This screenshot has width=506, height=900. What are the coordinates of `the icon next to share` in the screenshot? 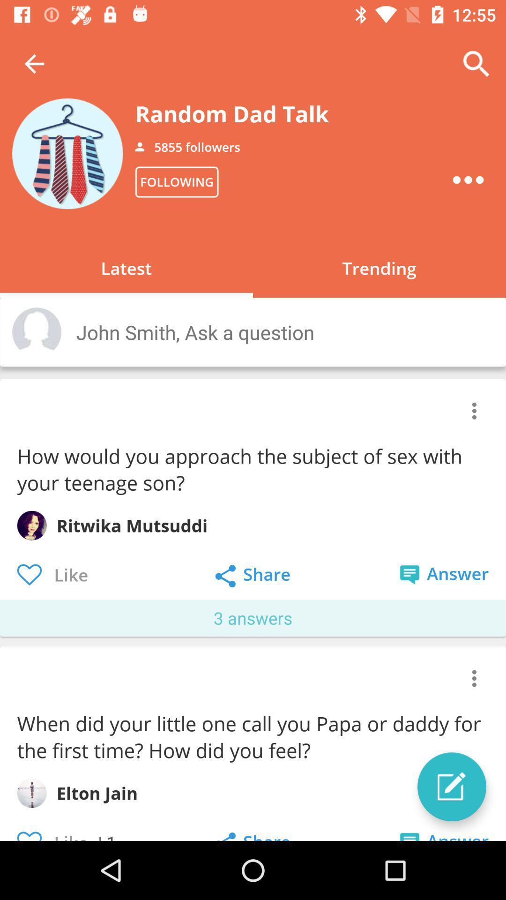 It's located at (451, 787).